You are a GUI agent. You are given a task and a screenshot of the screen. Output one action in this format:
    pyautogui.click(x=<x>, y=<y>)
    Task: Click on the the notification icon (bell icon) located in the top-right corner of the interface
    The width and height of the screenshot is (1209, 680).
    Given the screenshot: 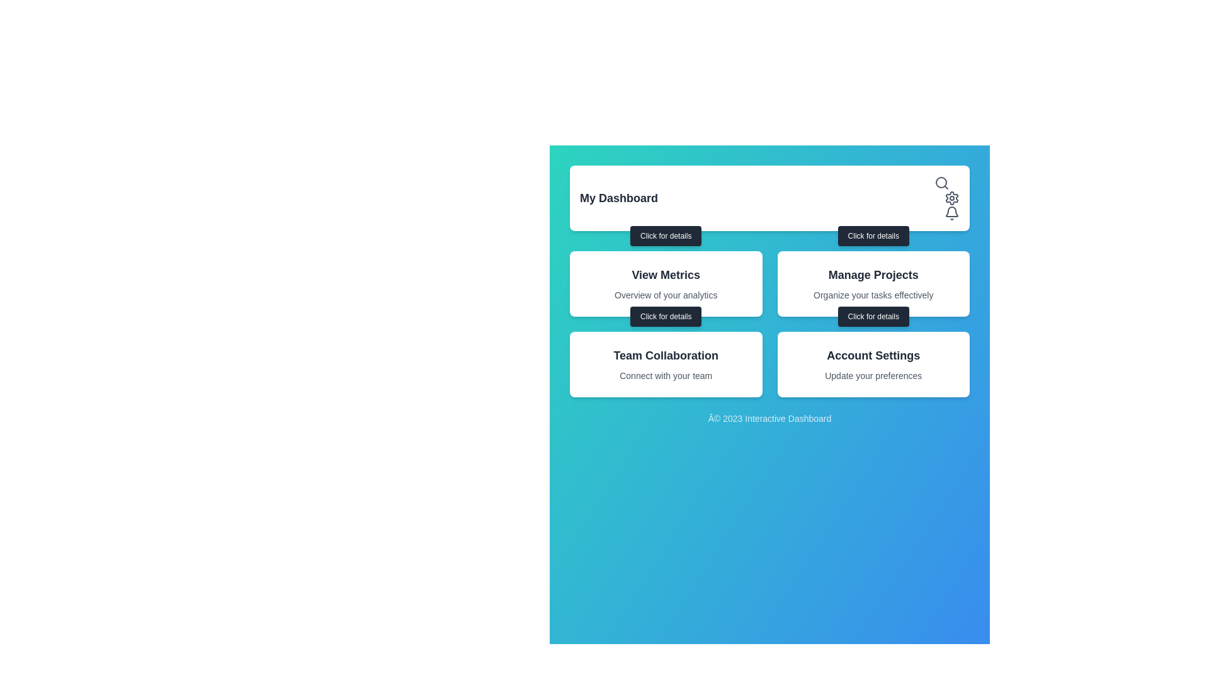 What is the action you would take?
    pyautogui.click(x=952, y=211)
    